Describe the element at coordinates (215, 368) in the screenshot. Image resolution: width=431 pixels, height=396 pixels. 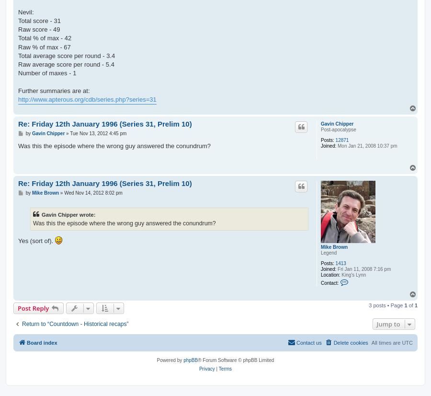
I see `'|'` at that location.